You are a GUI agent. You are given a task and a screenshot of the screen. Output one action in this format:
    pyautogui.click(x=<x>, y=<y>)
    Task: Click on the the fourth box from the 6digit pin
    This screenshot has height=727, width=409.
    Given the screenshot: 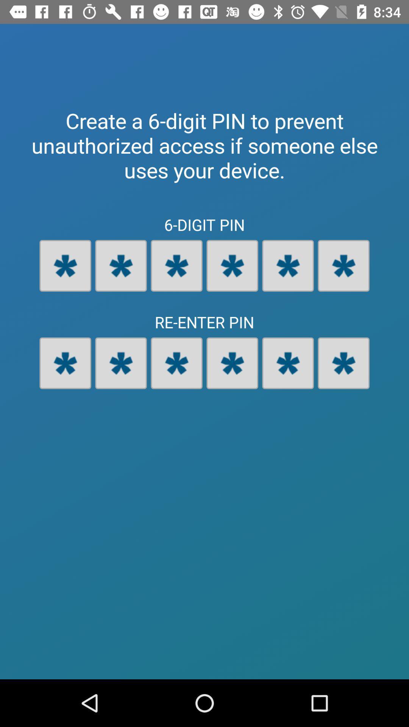 What is the action you would take?
    pyautogui.click(x=232, y=265)
    